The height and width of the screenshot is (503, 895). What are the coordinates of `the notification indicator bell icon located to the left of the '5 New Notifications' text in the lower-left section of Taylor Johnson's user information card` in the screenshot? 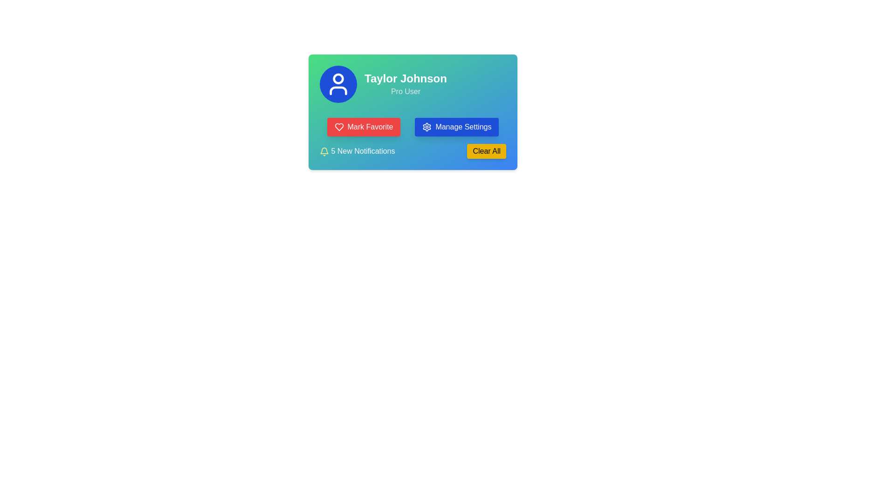 It's located at (324, 150).